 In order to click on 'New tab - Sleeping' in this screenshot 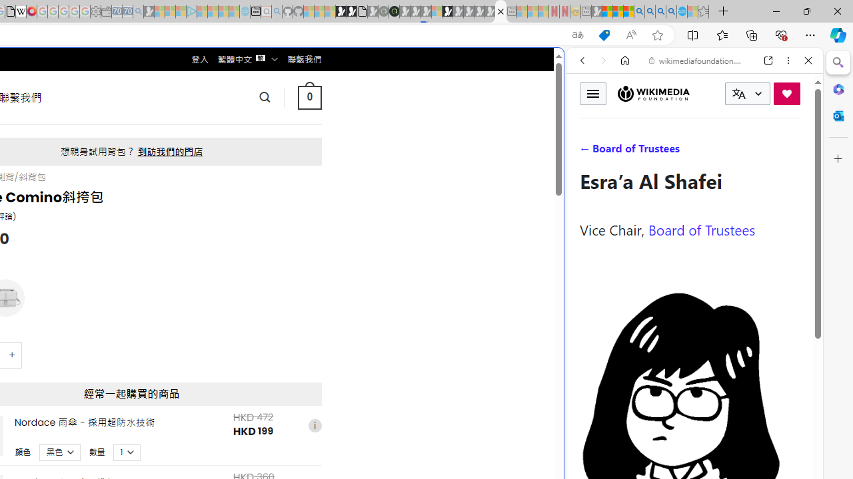, I will do `click(586, 11)`.